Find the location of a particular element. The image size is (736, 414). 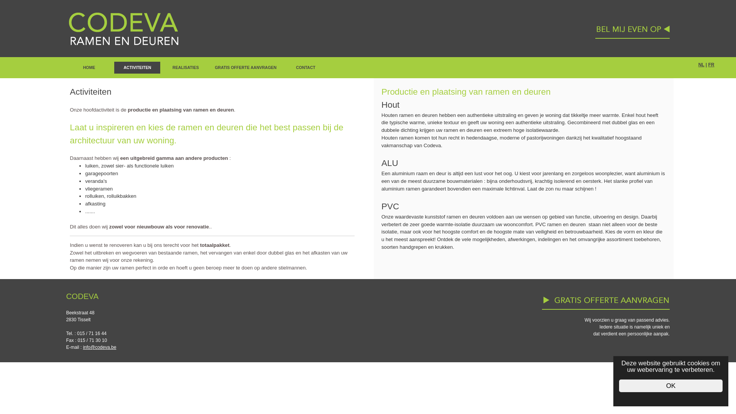

'NL' is located at coordinates (698, 64).